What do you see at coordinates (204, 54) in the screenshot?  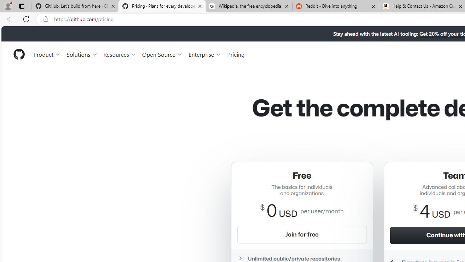 I see `'Enterprise'` at bounding box center [204, 54].